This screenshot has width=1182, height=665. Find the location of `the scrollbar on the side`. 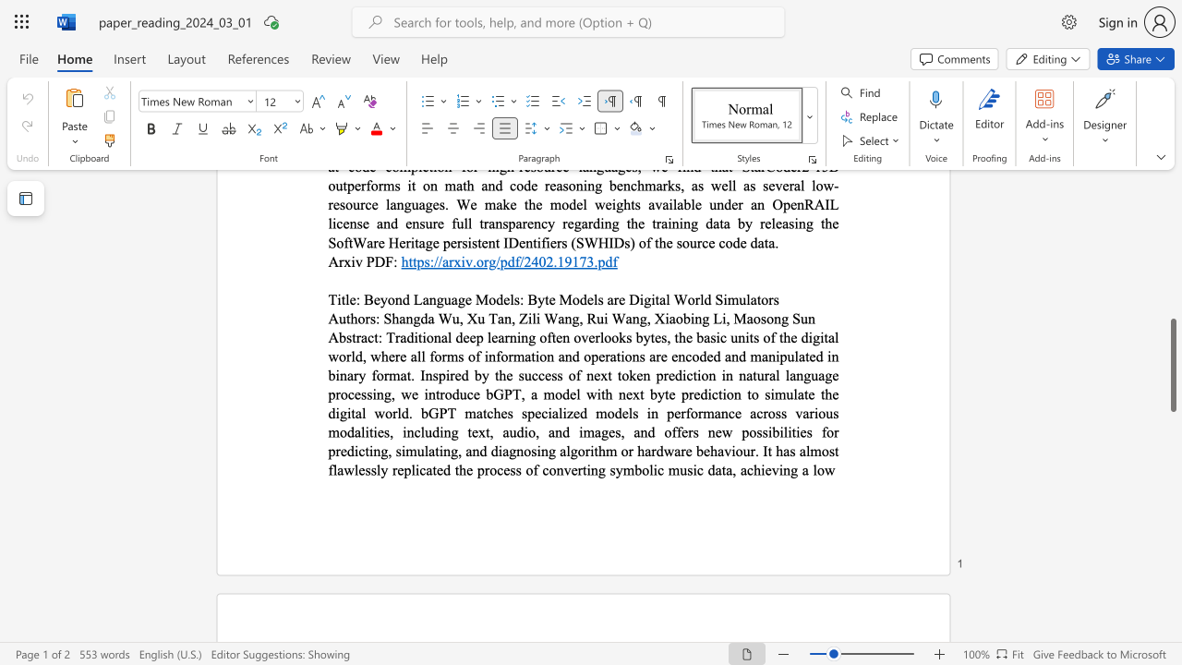

the scrollbar on the side is located at coordinates (1172, 249).